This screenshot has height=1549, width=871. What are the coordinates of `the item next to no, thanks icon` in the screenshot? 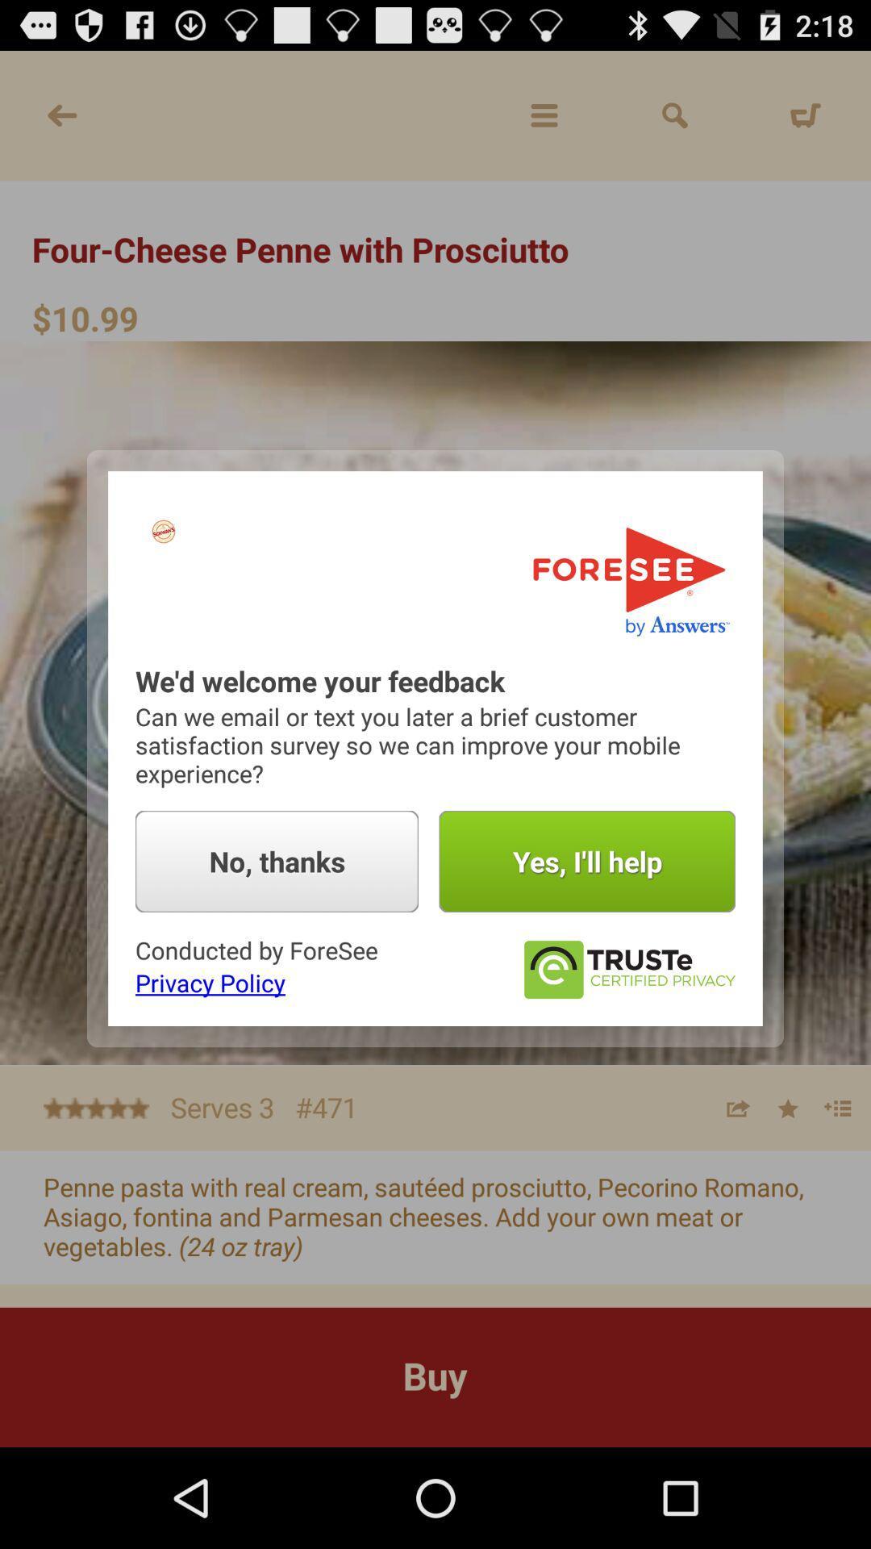 It's located at (587, 861).